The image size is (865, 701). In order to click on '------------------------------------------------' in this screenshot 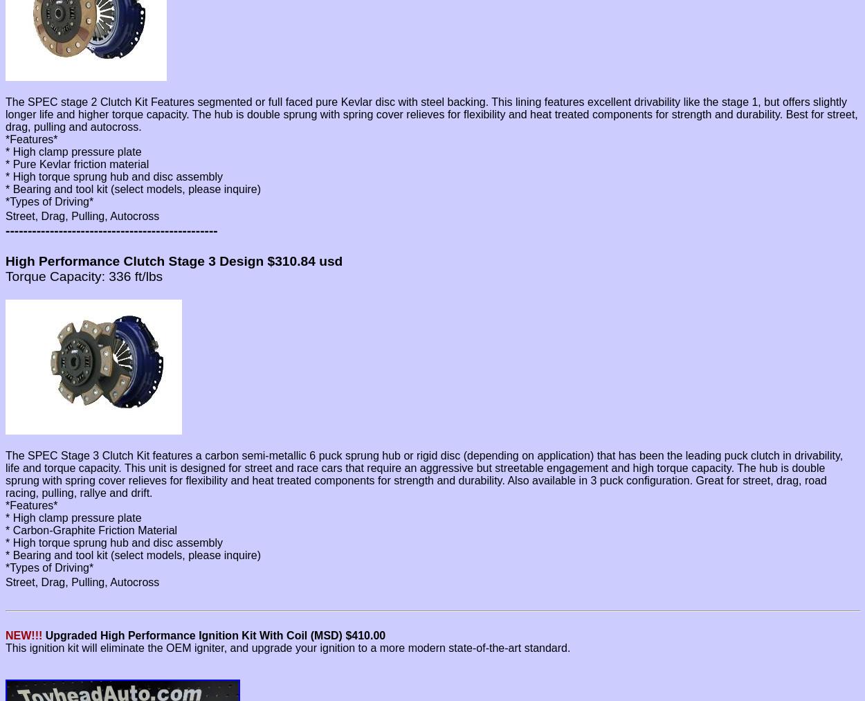, I will do `click(111, 230)`.